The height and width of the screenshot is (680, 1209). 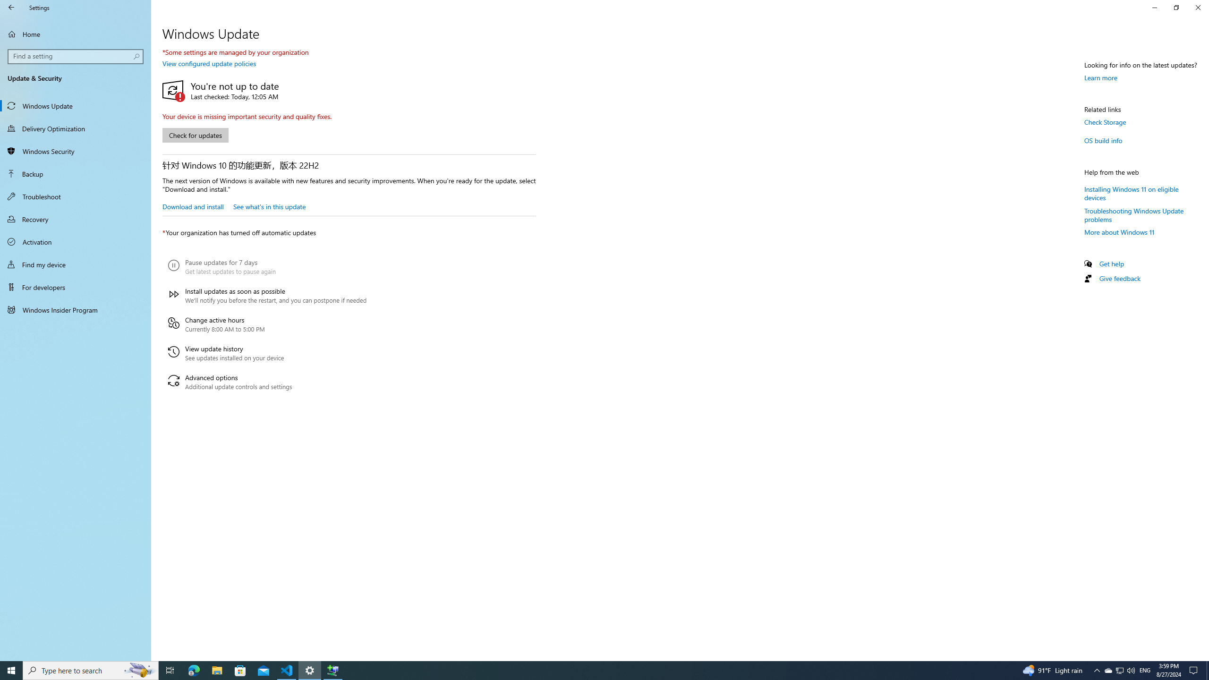 I want to click on 'See what', so click(x=269, y=206).